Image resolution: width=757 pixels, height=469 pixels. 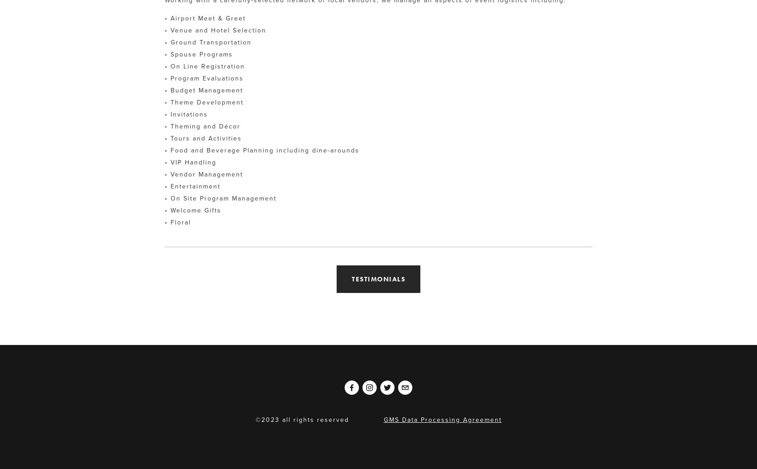 What do you see at coordinates (204, 78) in the screenshot?
I see `'• Program Evaluations'` at bounding box center [204, 78].